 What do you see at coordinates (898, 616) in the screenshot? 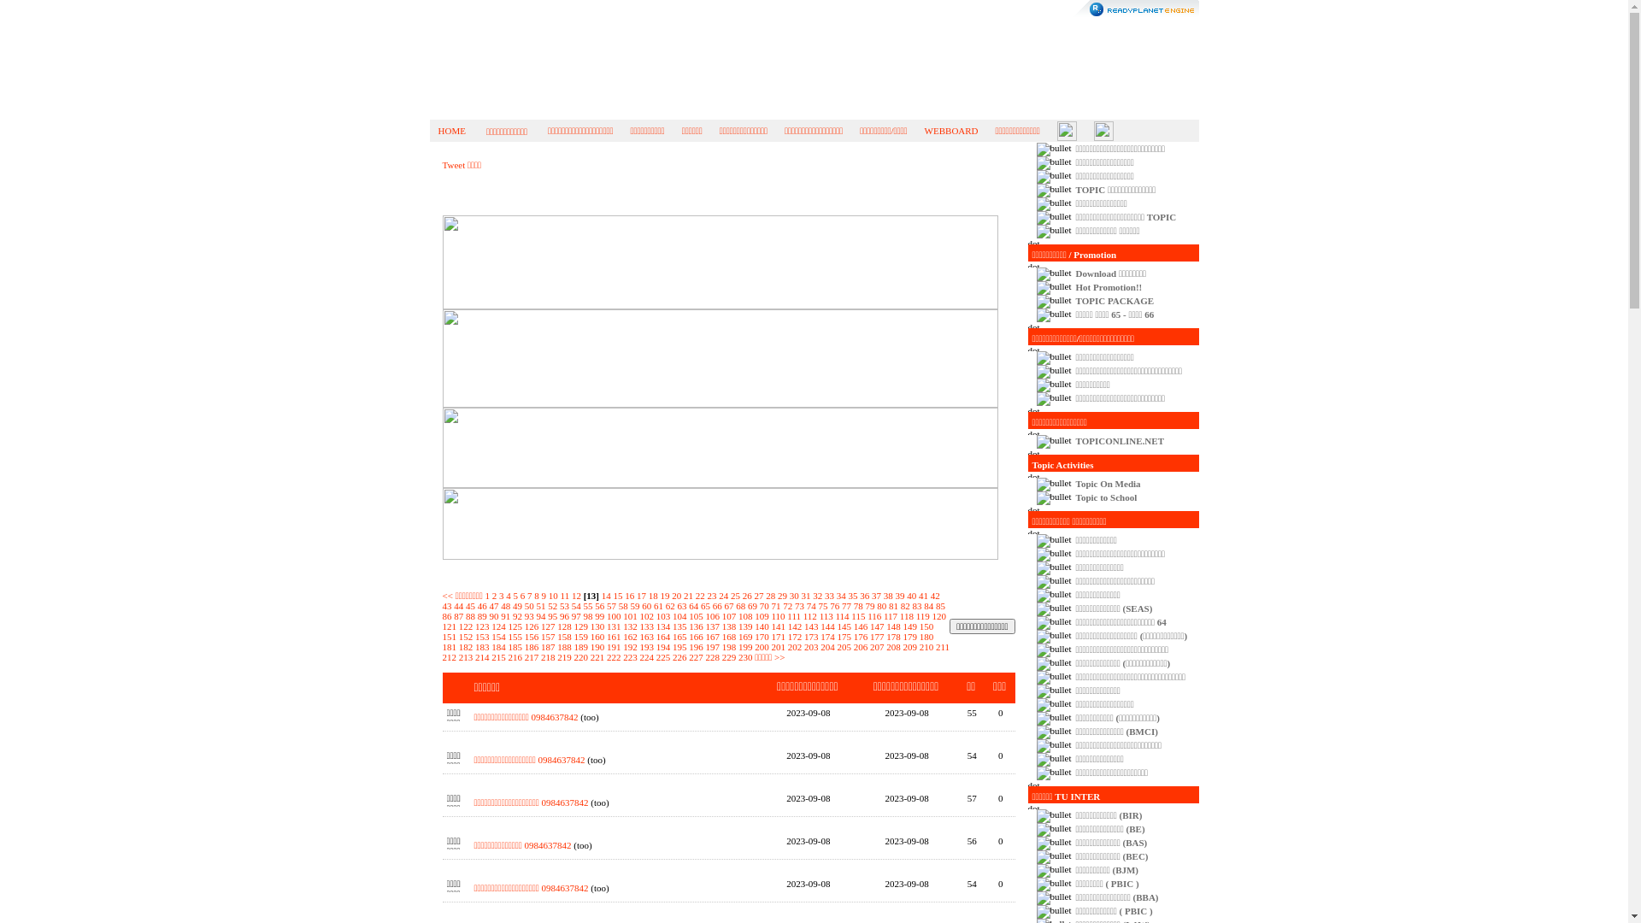
I see `'118'` at bounding box center [898, 616].